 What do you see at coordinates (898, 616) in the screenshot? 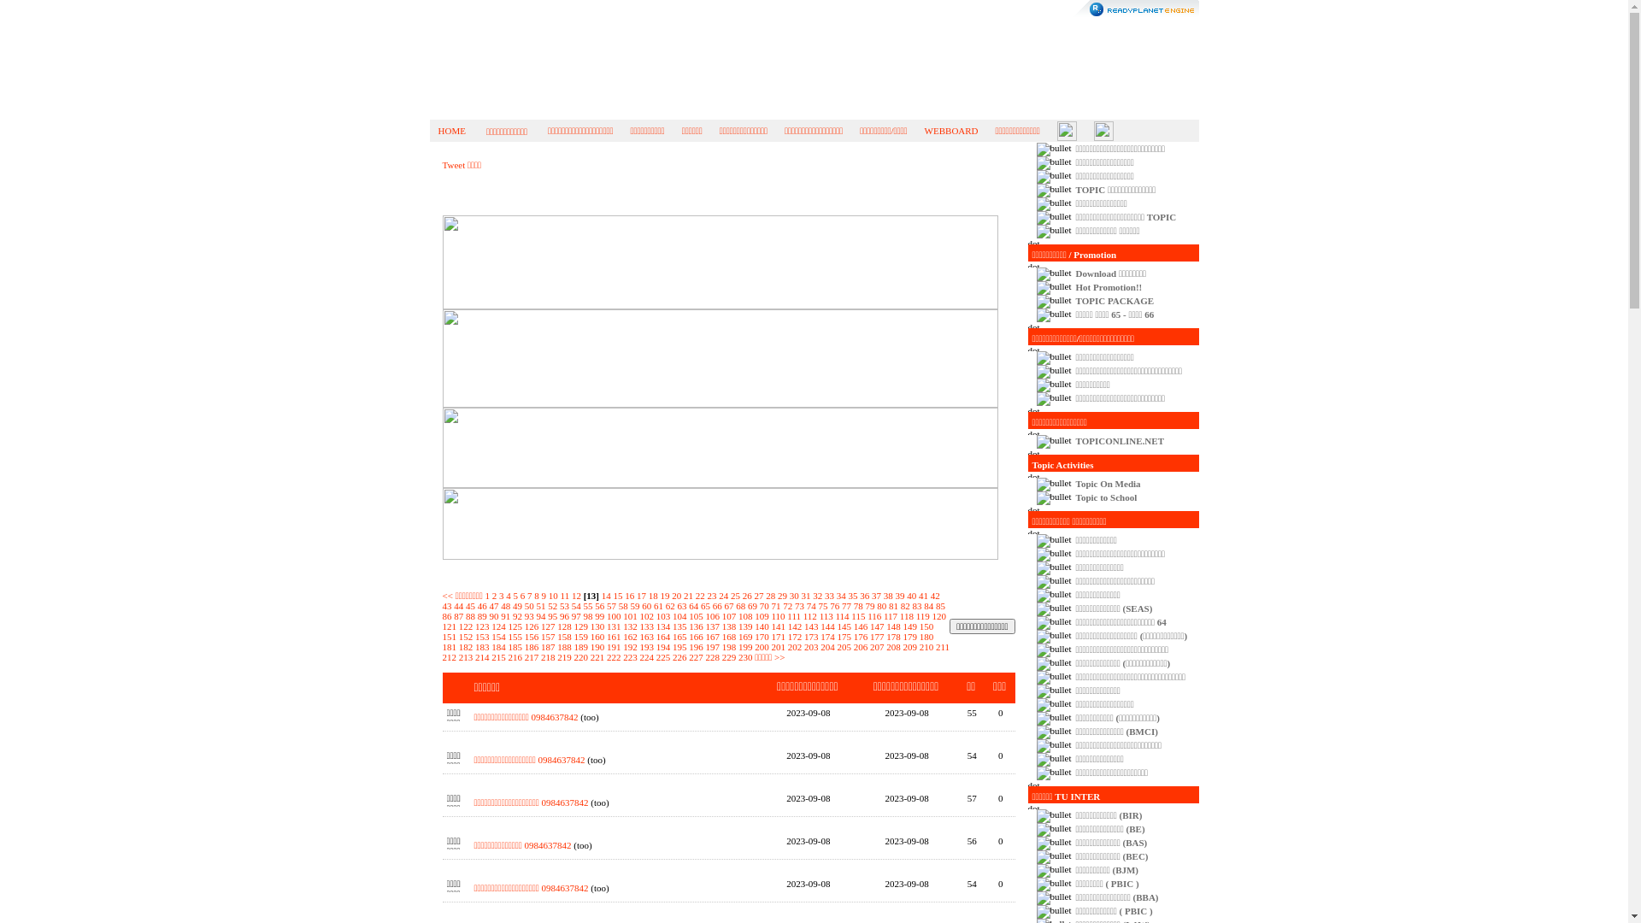
I see `'118'` at bounding box center [898, 616].